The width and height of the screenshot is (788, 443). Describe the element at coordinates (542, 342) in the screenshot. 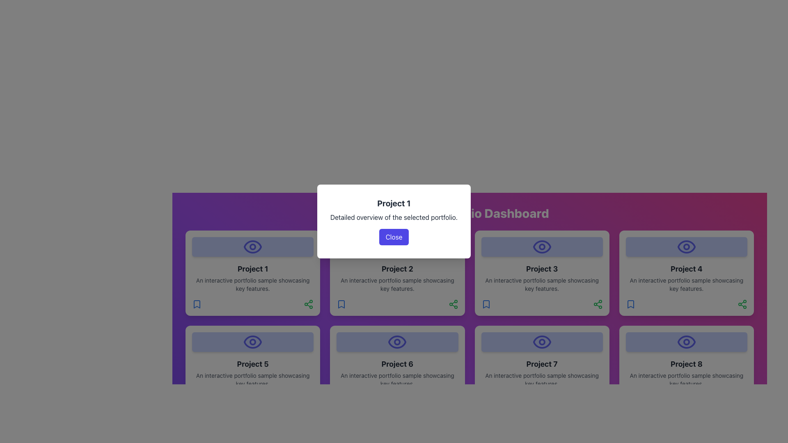

I see `the appearance of the blue eye icon located in the upper section of the 'Project 7' card, which is centered horizontally and displayed on a light indigo background` at that location.